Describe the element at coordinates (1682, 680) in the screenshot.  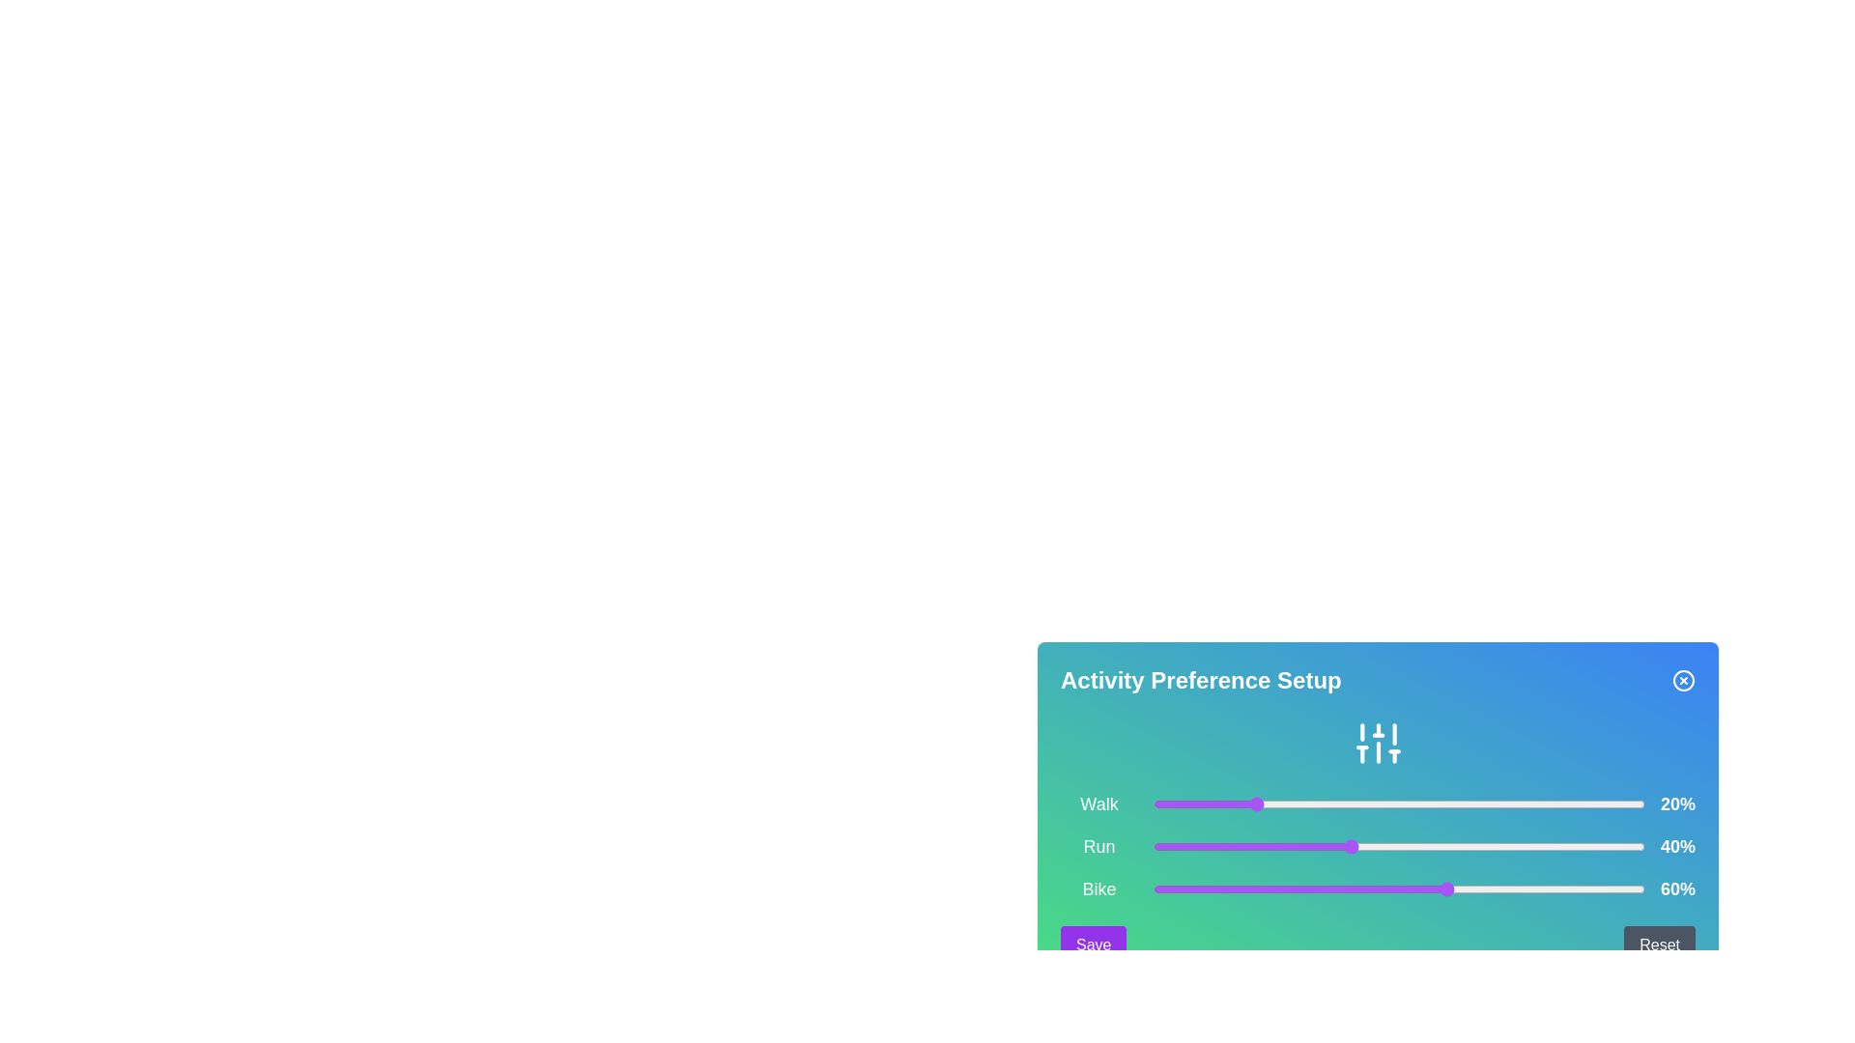
I see `the close button to close the Activity Preference Selector` at that location.